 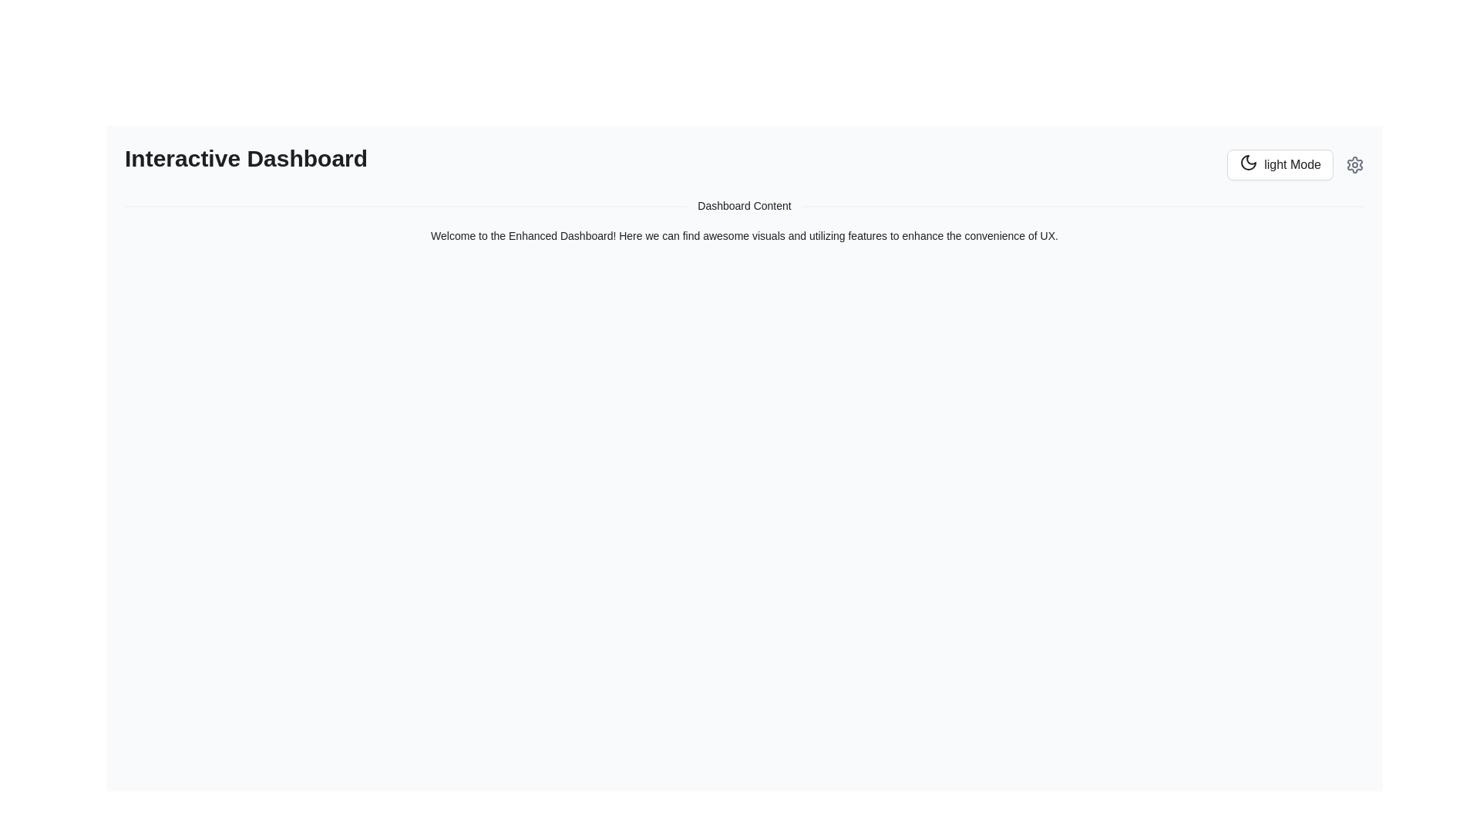 What do you see at coordinates (245, 158) in the screenshot?
I see `the 'Interactive Dashboard' text label, which is a bold dark-colored font located in the top navigation bar, positioned prominently on the left side` at bounding box center [245, 158].